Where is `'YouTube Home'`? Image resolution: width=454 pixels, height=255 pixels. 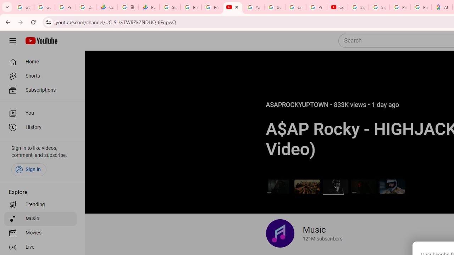 'YouTube Home' is located at coordinates (41, 41).